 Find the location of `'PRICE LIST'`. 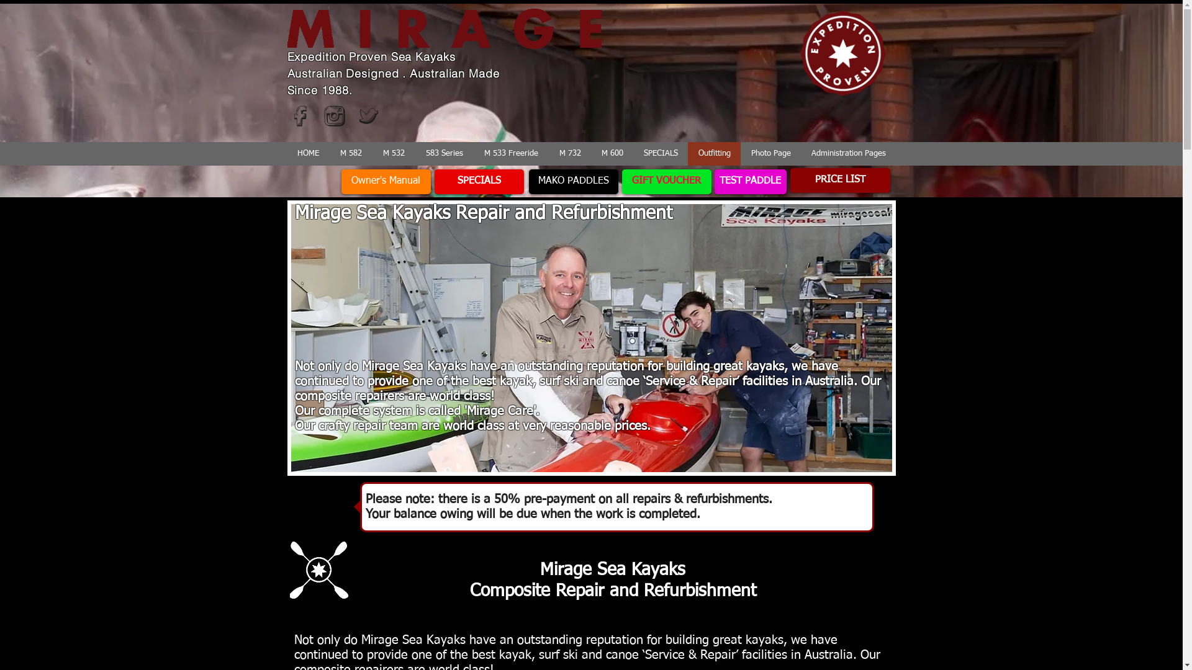

'PRICE LIST' is located at coordinates (839, 180).